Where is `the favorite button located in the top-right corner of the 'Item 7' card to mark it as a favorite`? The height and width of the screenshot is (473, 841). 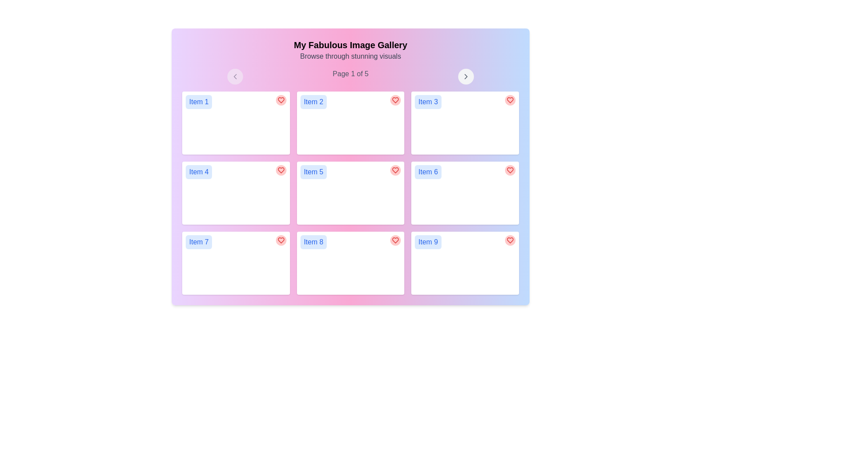 the favorite button located in the top-right corner of the 'Item 7' card to mark it as a favorite is located at coordinates (281, 240).